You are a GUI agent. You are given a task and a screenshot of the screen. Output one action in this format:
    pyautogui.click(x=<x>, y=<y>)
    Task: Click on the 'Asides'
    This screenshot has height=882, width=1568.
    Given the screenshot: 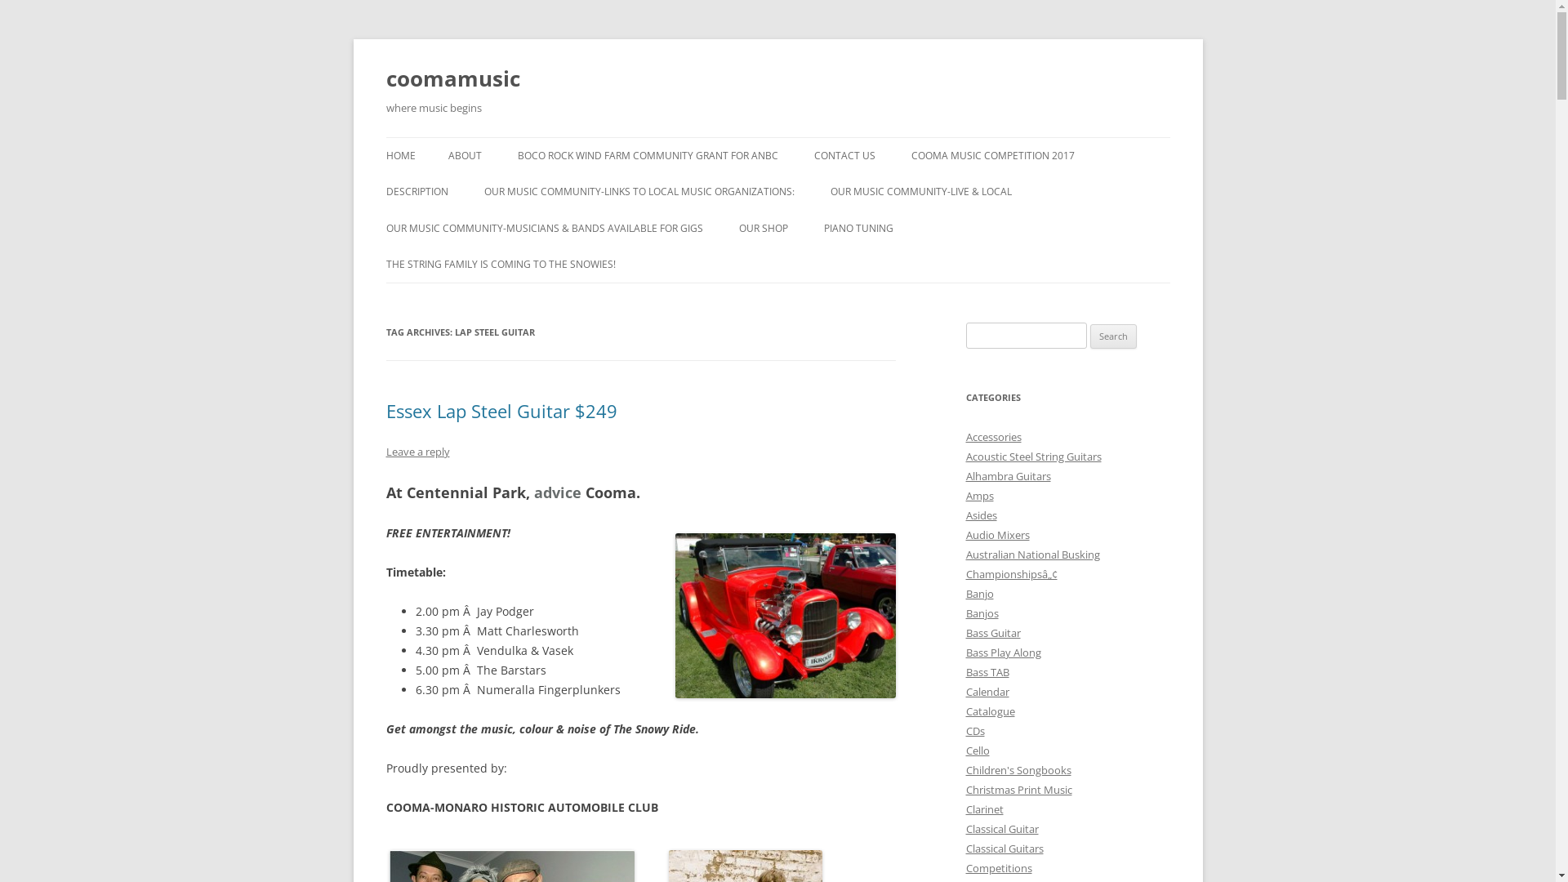 What is the action you would take?
    pyautogui.click(x=980, y=515)
    